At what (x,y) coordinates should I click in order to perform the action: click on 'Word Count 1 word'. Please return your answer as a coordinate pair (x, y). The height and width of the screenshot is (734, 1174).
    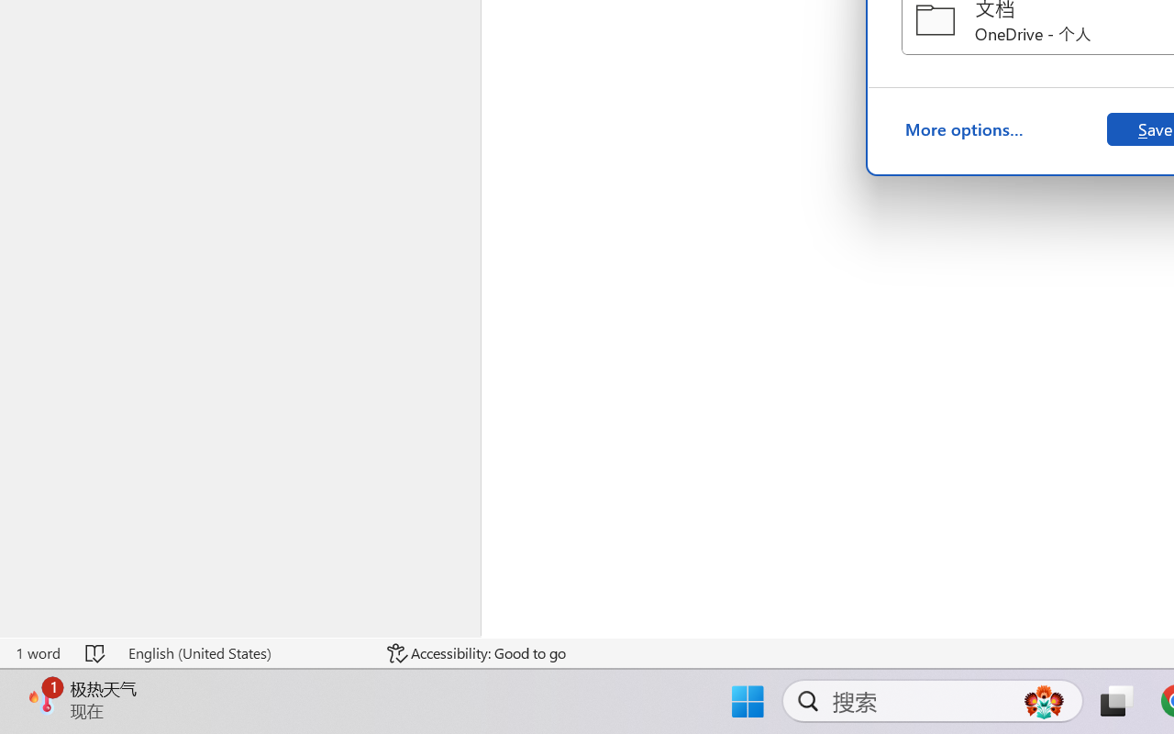
    Looking at the image, I should click on (38, 652).